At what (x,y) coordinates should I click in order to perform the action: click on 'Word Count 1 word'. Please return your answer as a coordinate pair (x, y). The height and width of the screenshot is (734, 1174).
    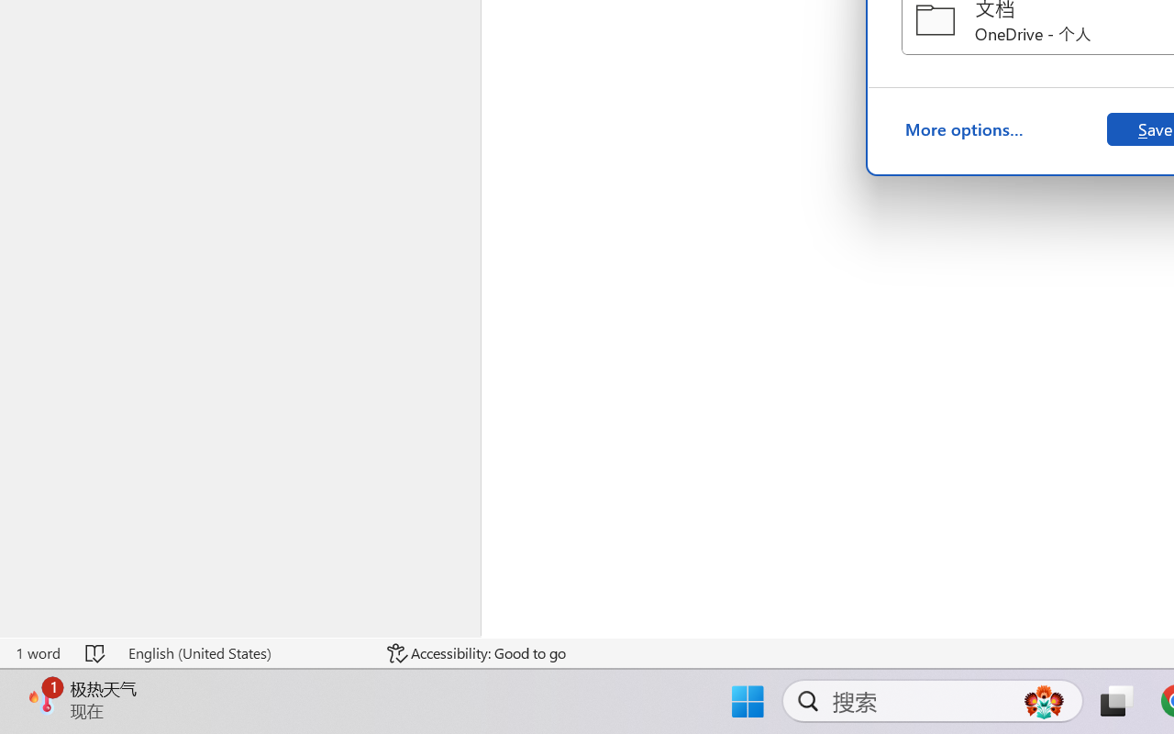
    Looking at the image, I should click on (38, 652).